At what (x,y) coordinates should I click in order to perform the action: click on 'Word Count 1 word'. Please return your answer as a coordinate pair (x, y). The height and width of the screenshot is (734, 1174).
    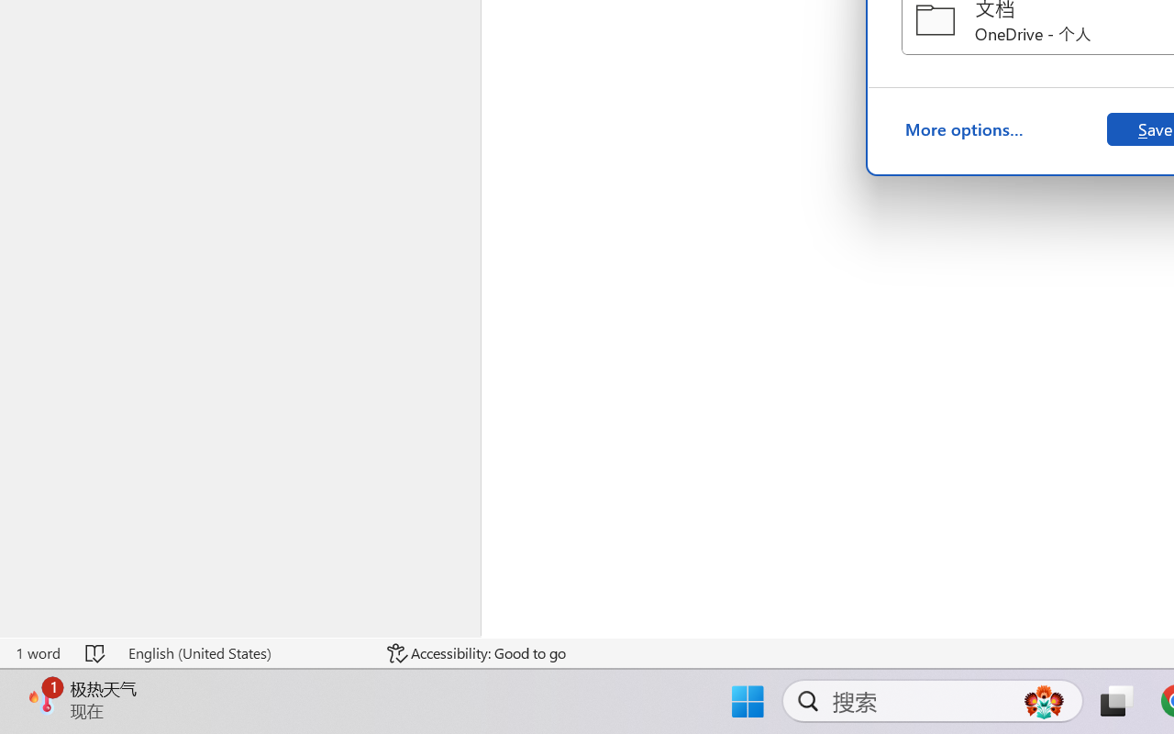
    Looking at the image, I should click on (38, 652).